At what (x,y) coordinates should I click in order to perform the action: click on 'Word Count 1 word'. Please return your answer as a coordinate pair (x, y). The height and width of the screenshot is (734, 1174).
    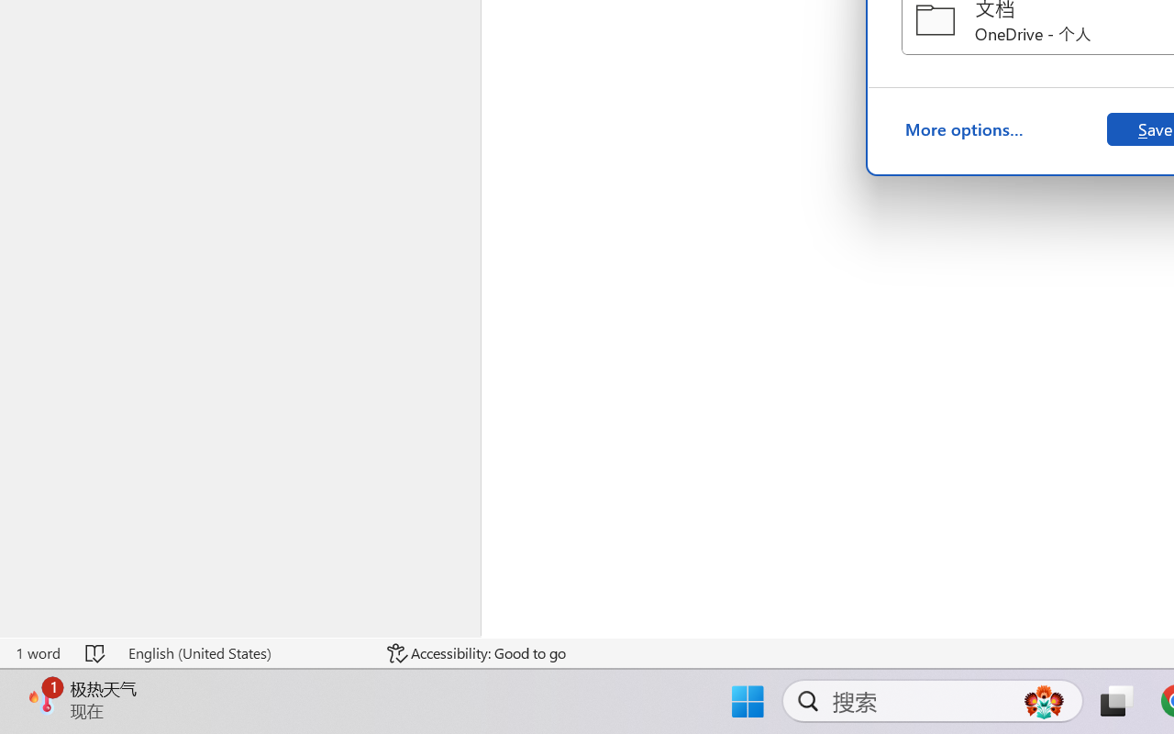
    Looking at the image, I should click on (38, 652).